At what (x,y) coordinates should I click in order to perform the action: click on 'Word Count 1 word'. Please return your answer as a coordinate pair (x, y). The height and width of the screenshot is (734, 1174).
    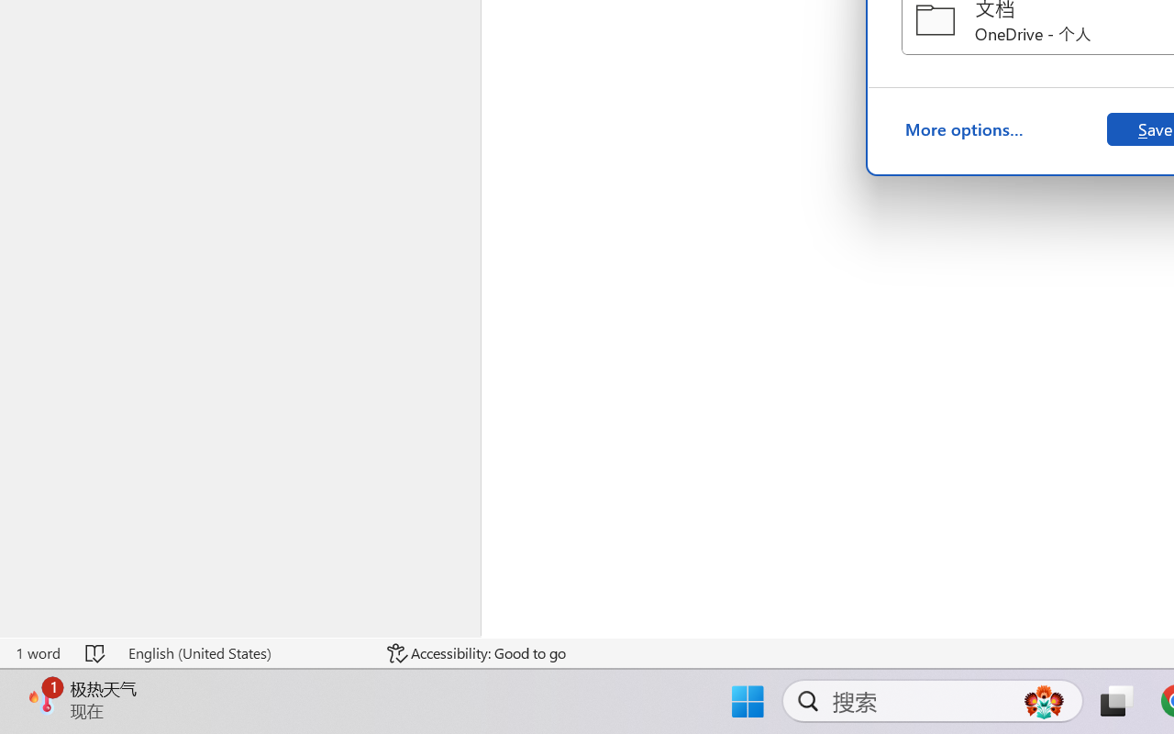
    Looking at the image, I should click on (38, 652).